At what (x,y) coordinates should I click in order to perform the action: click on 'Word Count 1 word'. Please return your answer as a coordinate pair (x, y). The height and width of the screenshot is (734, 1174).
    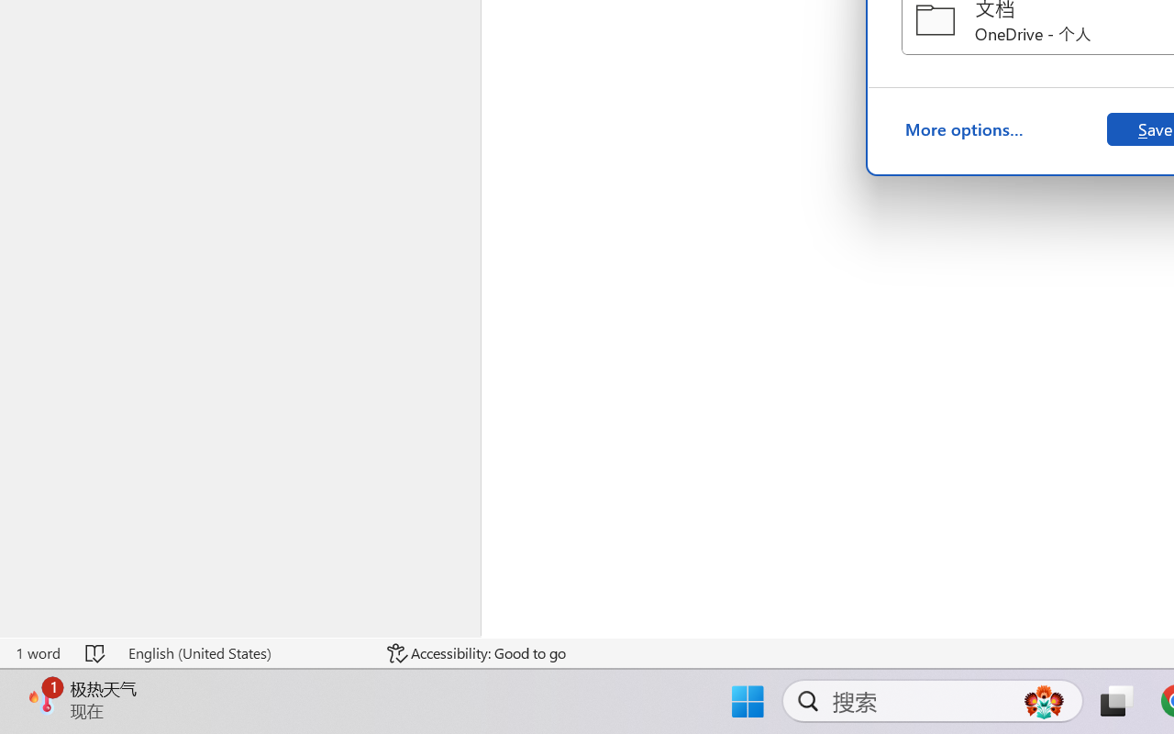
    Looking at the image, I should click on (38, 652).